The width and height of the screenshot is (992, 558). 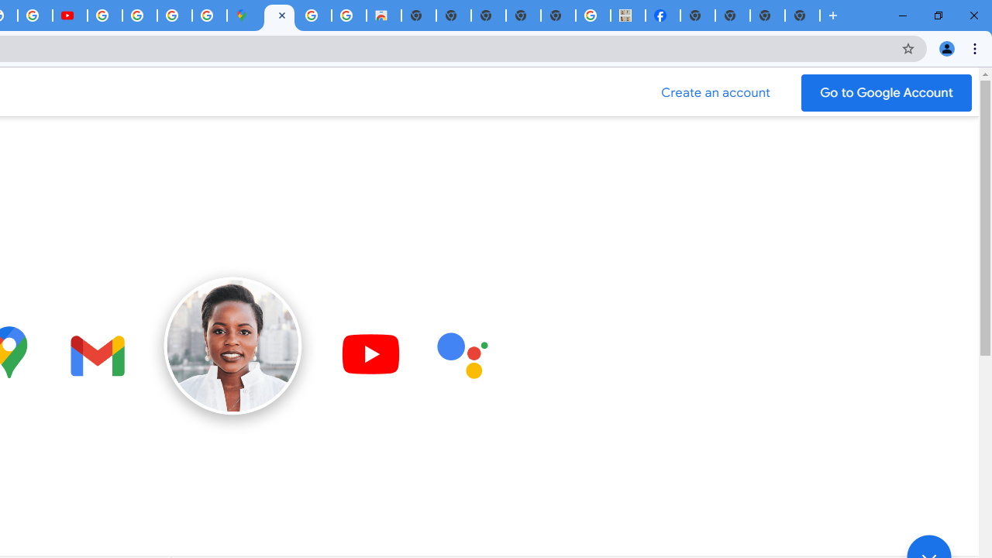 What do you see at coordinates (937, 15) in the screenshot?
I see `'Restore'` at bounding box center [937, 15].